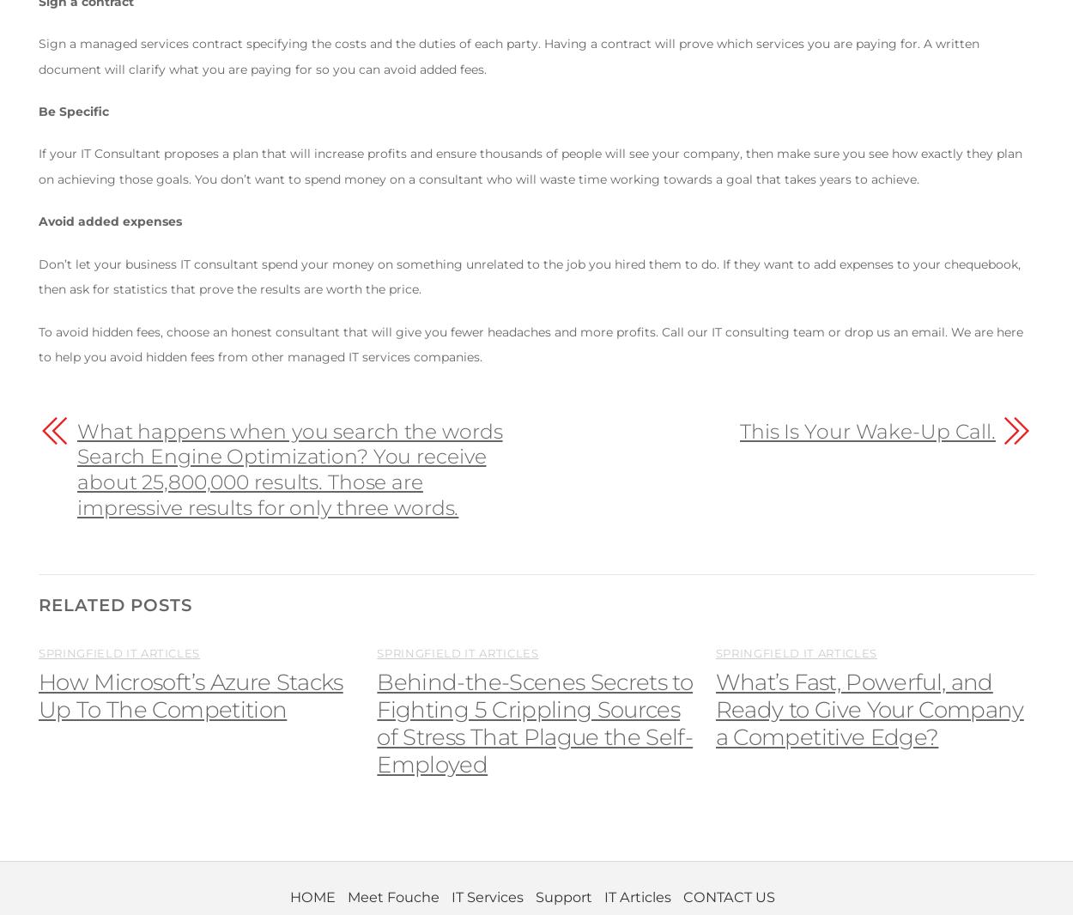 The width and height of the screenshot is (1073, 915). Describe the element at coordinates (311, 896) in the screenshot. I see `'HOME'` at that location.